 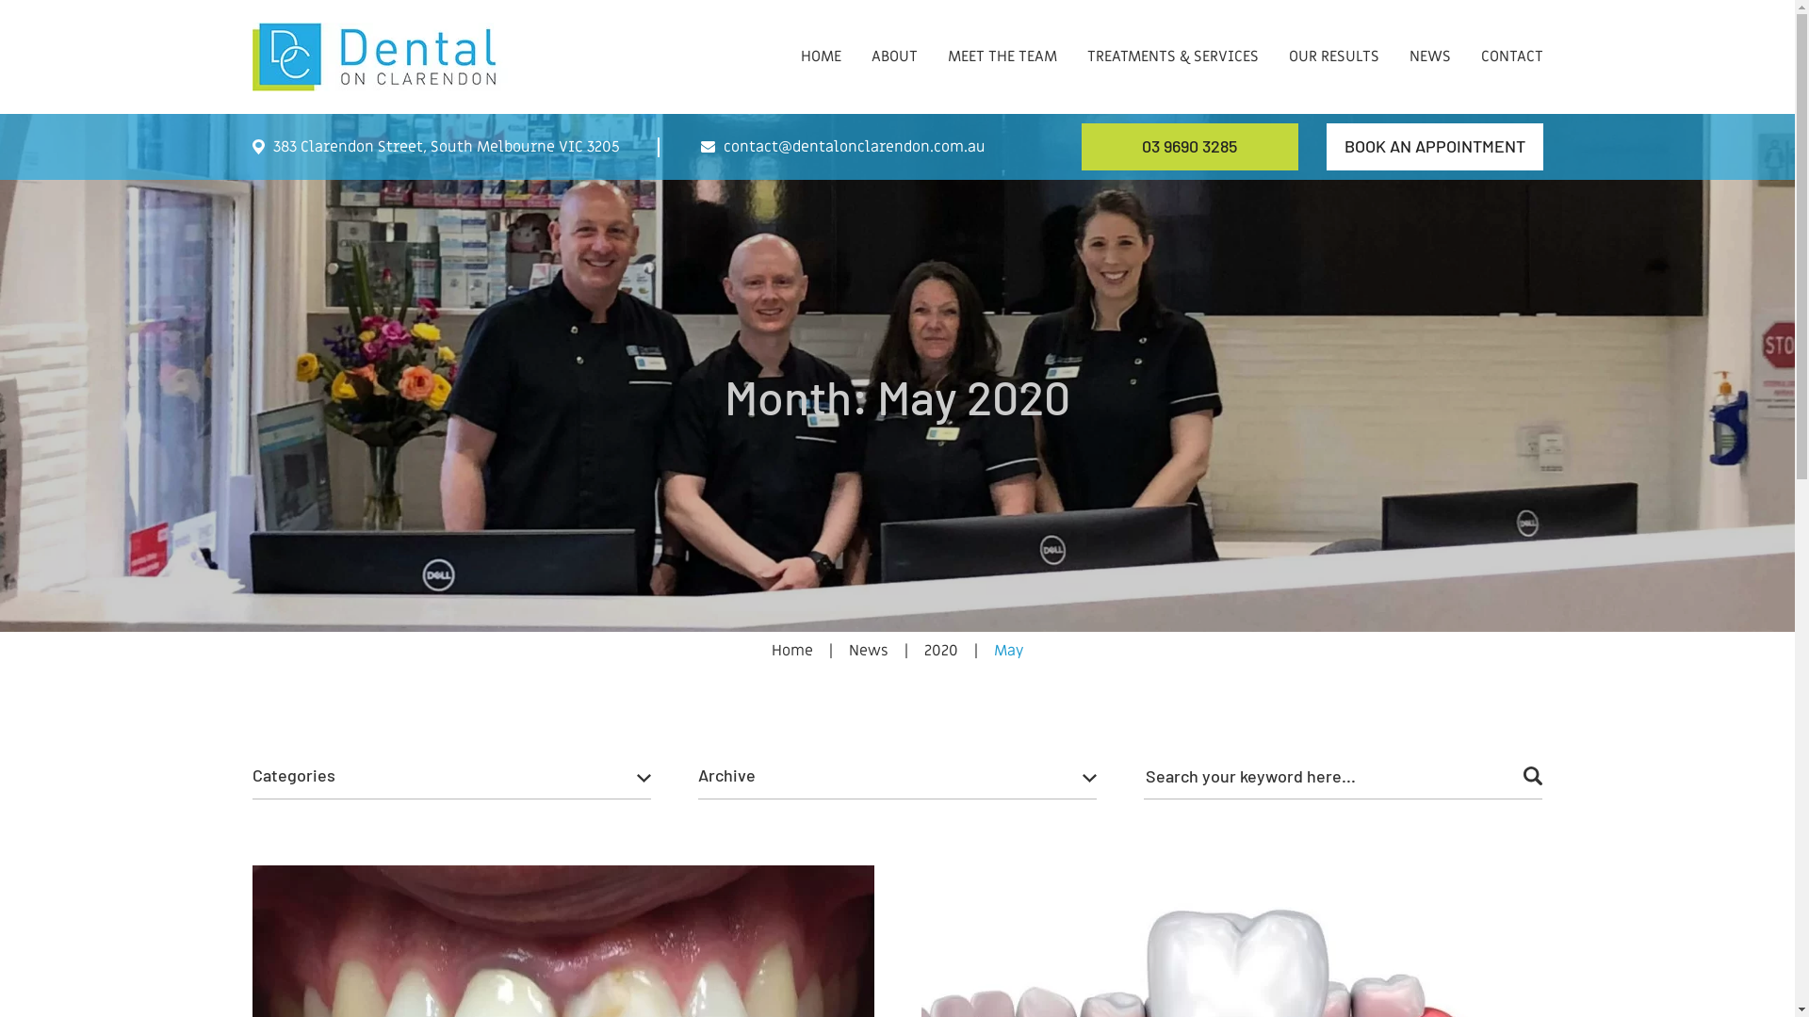 What do you see at coordinates (892, 38) in the screenshot?
I see `'ABOUT'` at bounding box center [892, 38].